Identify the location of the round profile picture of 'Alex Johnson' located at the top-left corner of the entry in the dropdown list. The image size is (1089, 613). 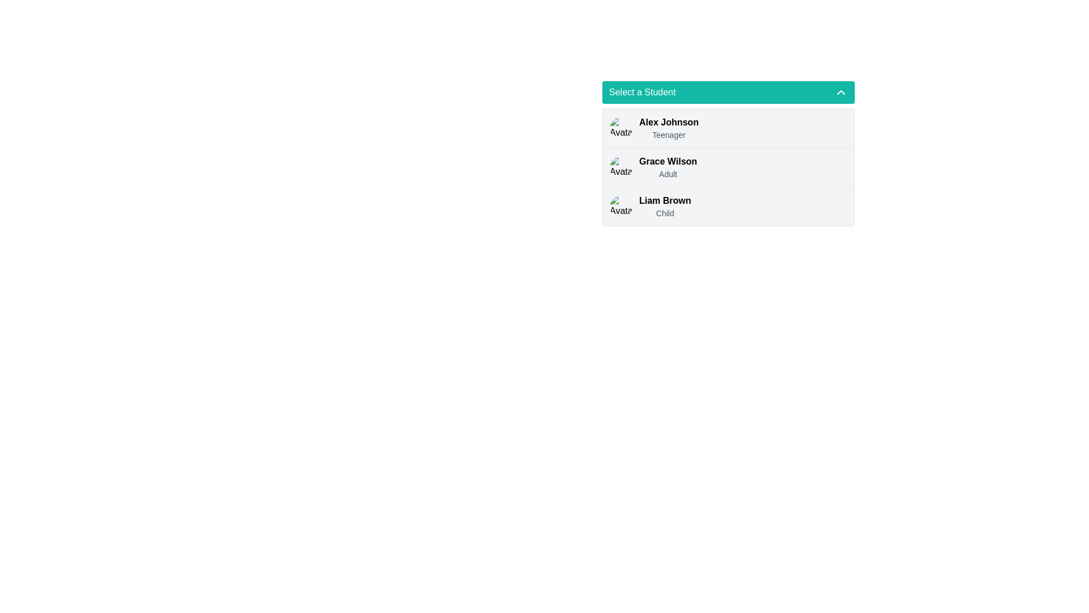
(620, 128).